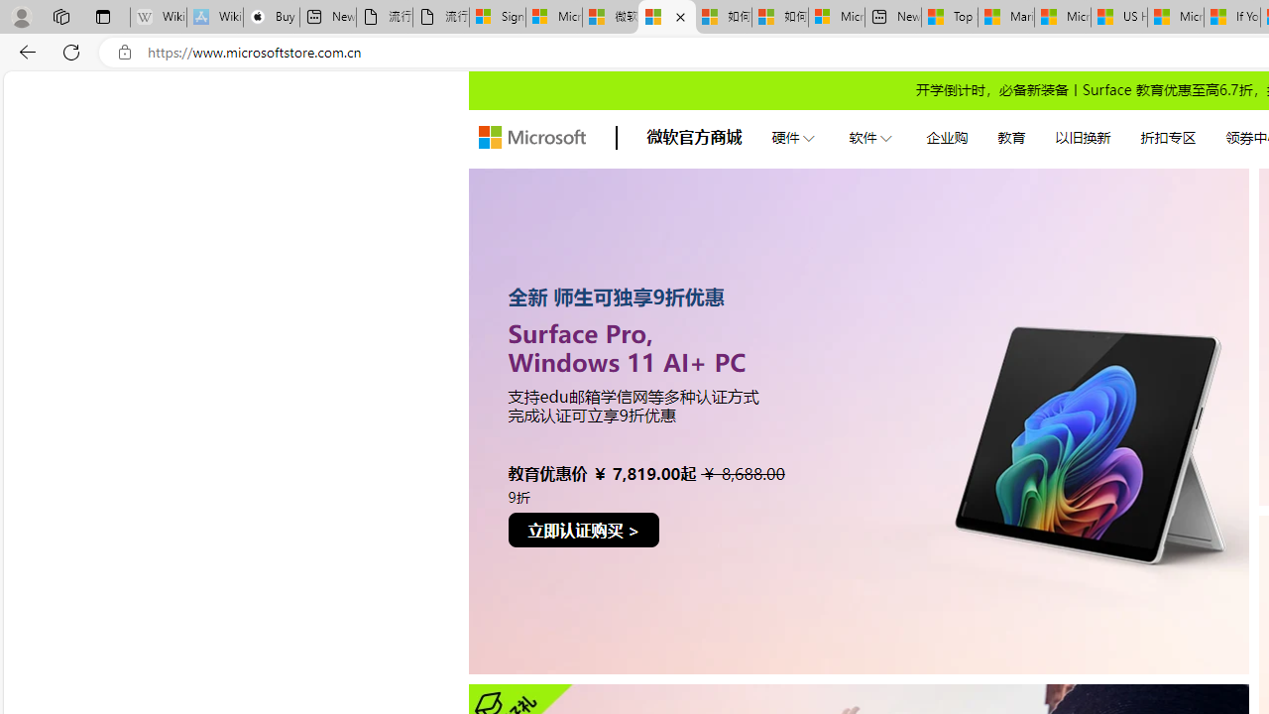 Image resolution: width=1269 pixels, height=714 pixels. What do you see at coordinates (531, 136) in the screenshot?
I see `'store logo'` at bounding box center [531, 136].